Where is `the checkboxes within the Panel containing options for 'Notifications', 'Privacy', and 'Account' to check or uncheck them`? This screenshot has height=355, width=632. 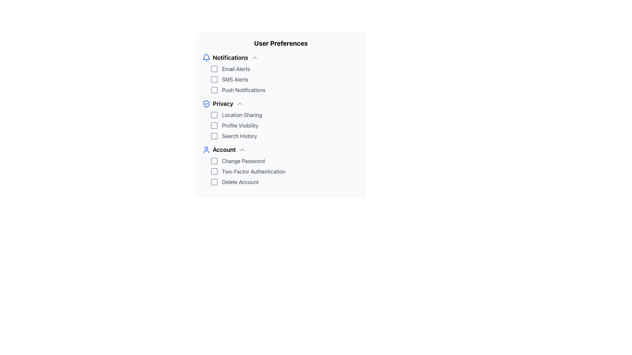 the checkboxes within the Panel containing options for 'Notifications', 'Privacy', and 'Account' to check or uncheck them is located at coordinates (281, 115).